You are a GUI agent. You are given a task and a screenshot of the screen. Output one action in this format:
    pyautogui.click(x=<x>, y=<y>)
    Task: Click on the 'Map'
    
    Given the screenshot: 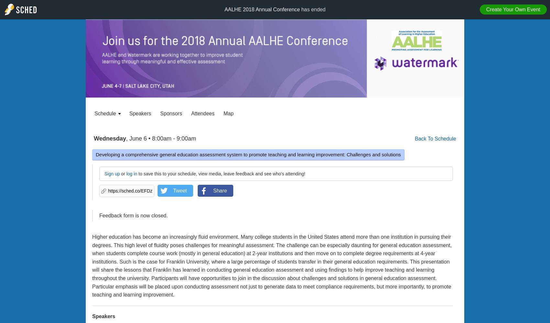 What is the action you would take?
    pyautogui.click(x=228, y=113)
    